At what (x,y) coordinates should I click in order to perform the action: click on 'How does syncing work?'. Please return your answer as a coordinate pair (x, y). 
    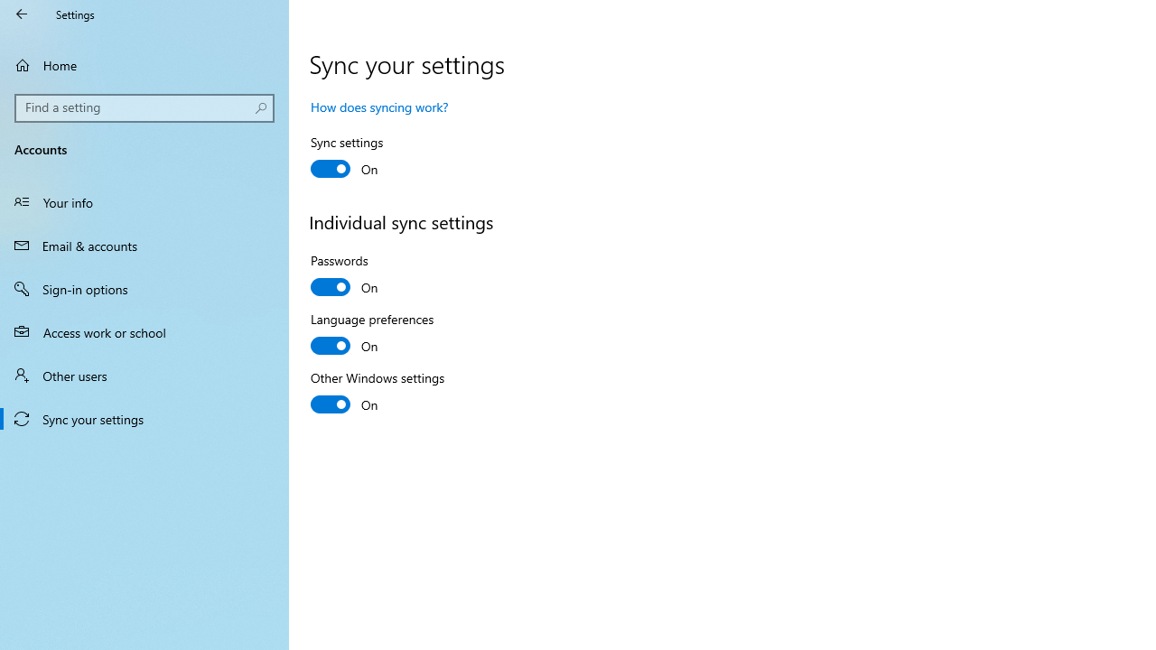
    Looking at the image, I should click on (378, 107).